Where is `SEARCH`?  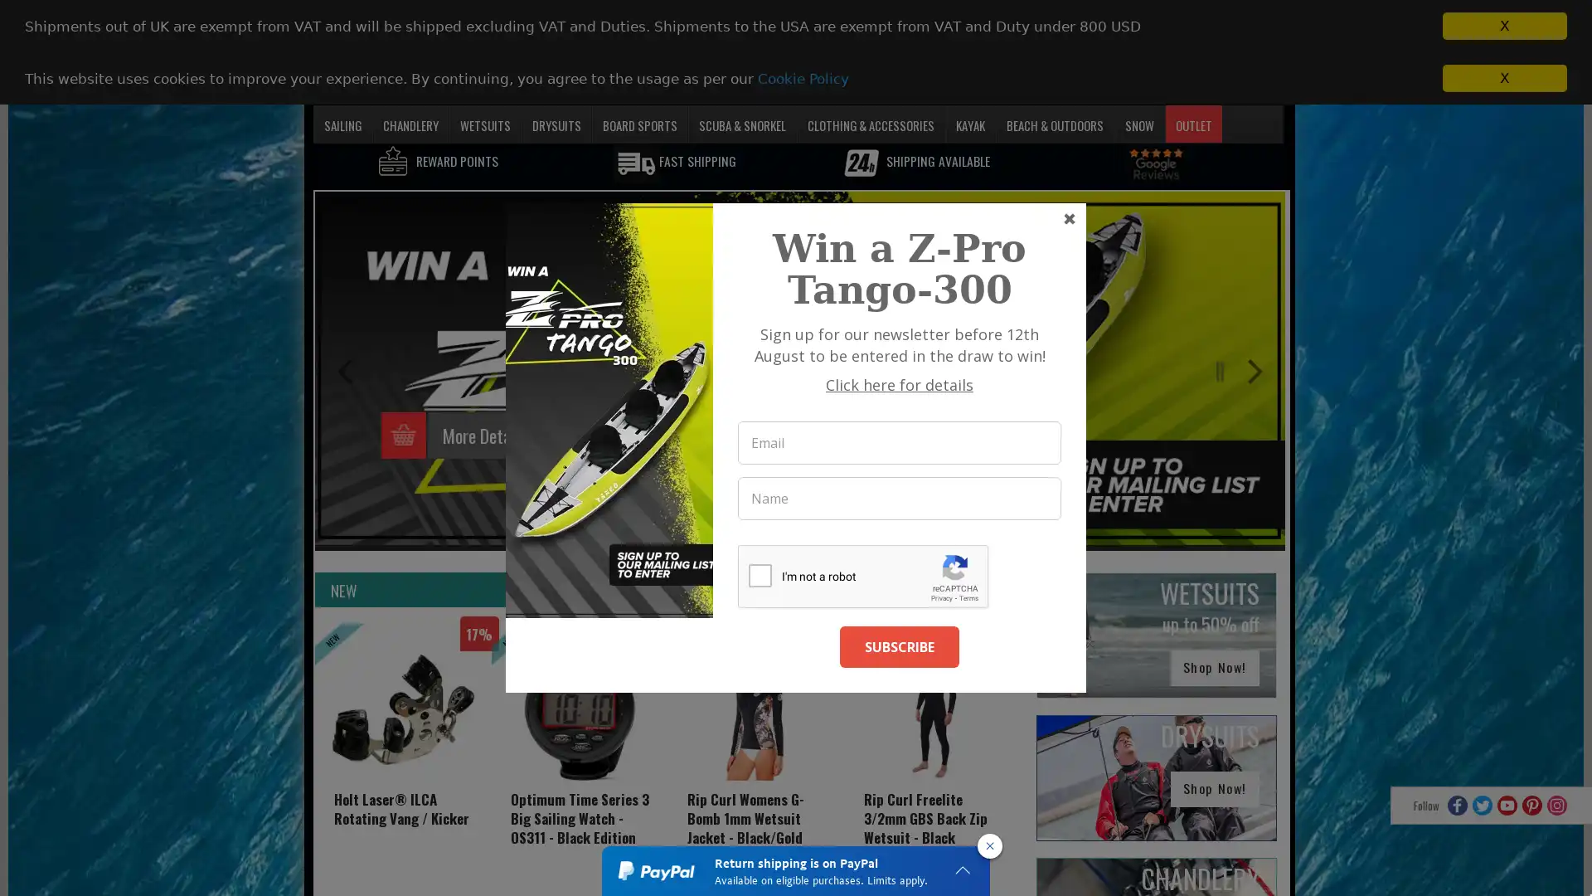 SEARCH is located at coordinates (1106, 84).